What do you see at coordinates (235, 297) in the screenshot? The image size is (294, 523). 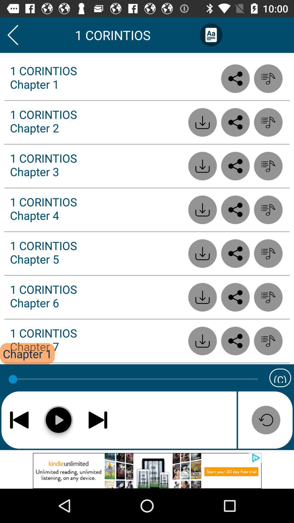 I see `share 1 corintios chapter 6` at bounding box center [235, 297].